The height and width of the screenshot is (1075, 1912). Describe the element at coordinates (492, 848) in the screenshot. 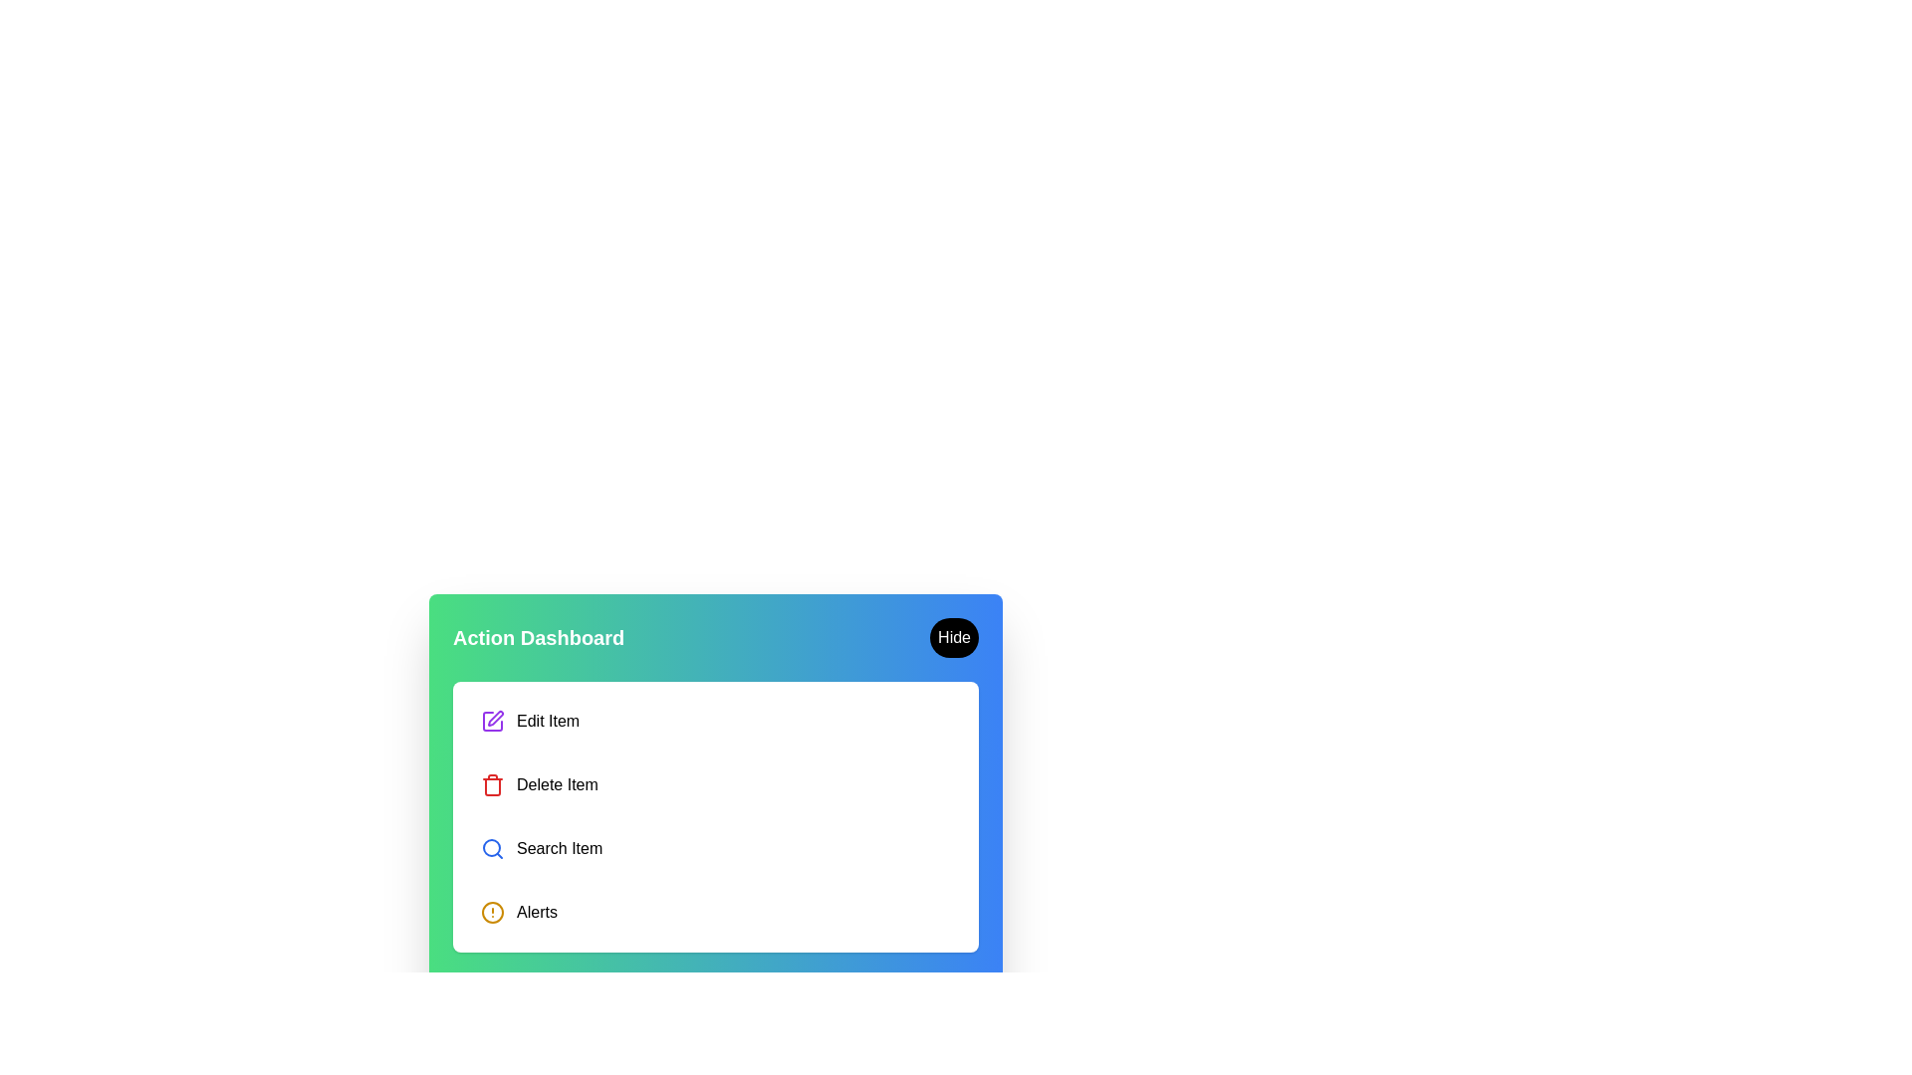

I see `the magnifying glass icon, which is the first visual item in the Action Dashboard interface, located to the left of the text 'Search Item'` at that location.